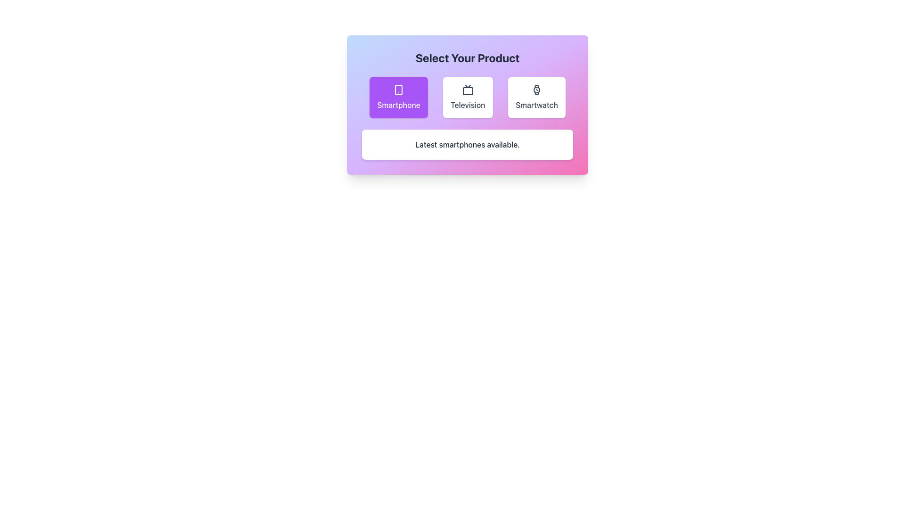 Image resolution: width=905 pixels, height=509 pixels. I want to click on the leftmost button in a row of three, which has a purple background, rounded corners, and contains the text 'Smartphone' with a smartphone icon above it, so click(398, 98).